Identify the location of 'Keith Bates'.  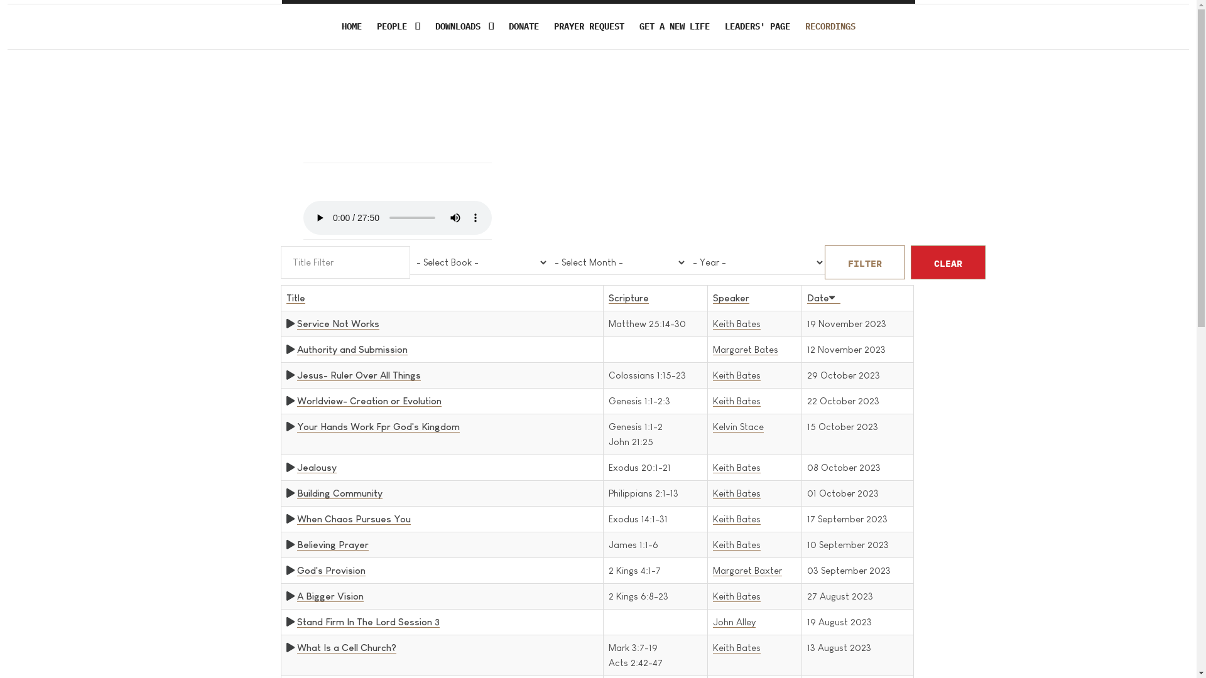
(736, 519).